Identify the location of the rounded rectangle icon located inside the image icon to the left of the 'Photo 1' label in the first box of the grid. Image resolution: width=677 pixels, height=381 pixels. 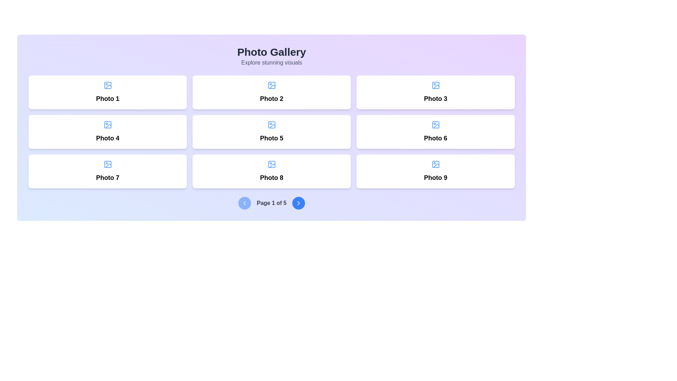
(107, 85).